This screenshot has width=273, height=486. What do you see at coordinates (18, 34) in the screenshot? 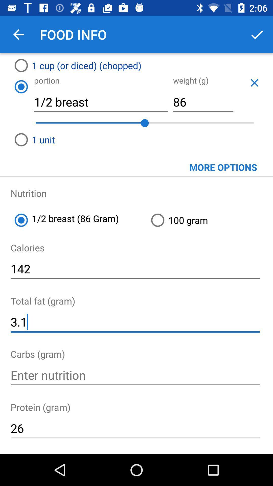
I see `the icon above the 1 cup or item` at bounding box center [18, 34].